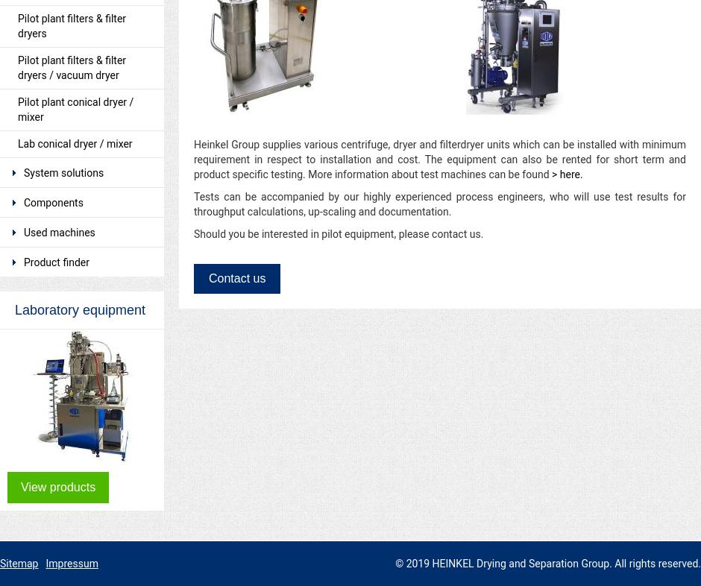 Image resolution: width=701 pixels, height=586 pixels. I want to click on 'Lab conical dryer / mixer', so click(75, 142).